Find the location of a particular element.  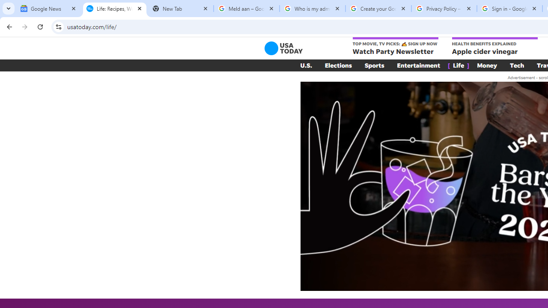

'USA TODAY' is located at coordinates (283, 48).